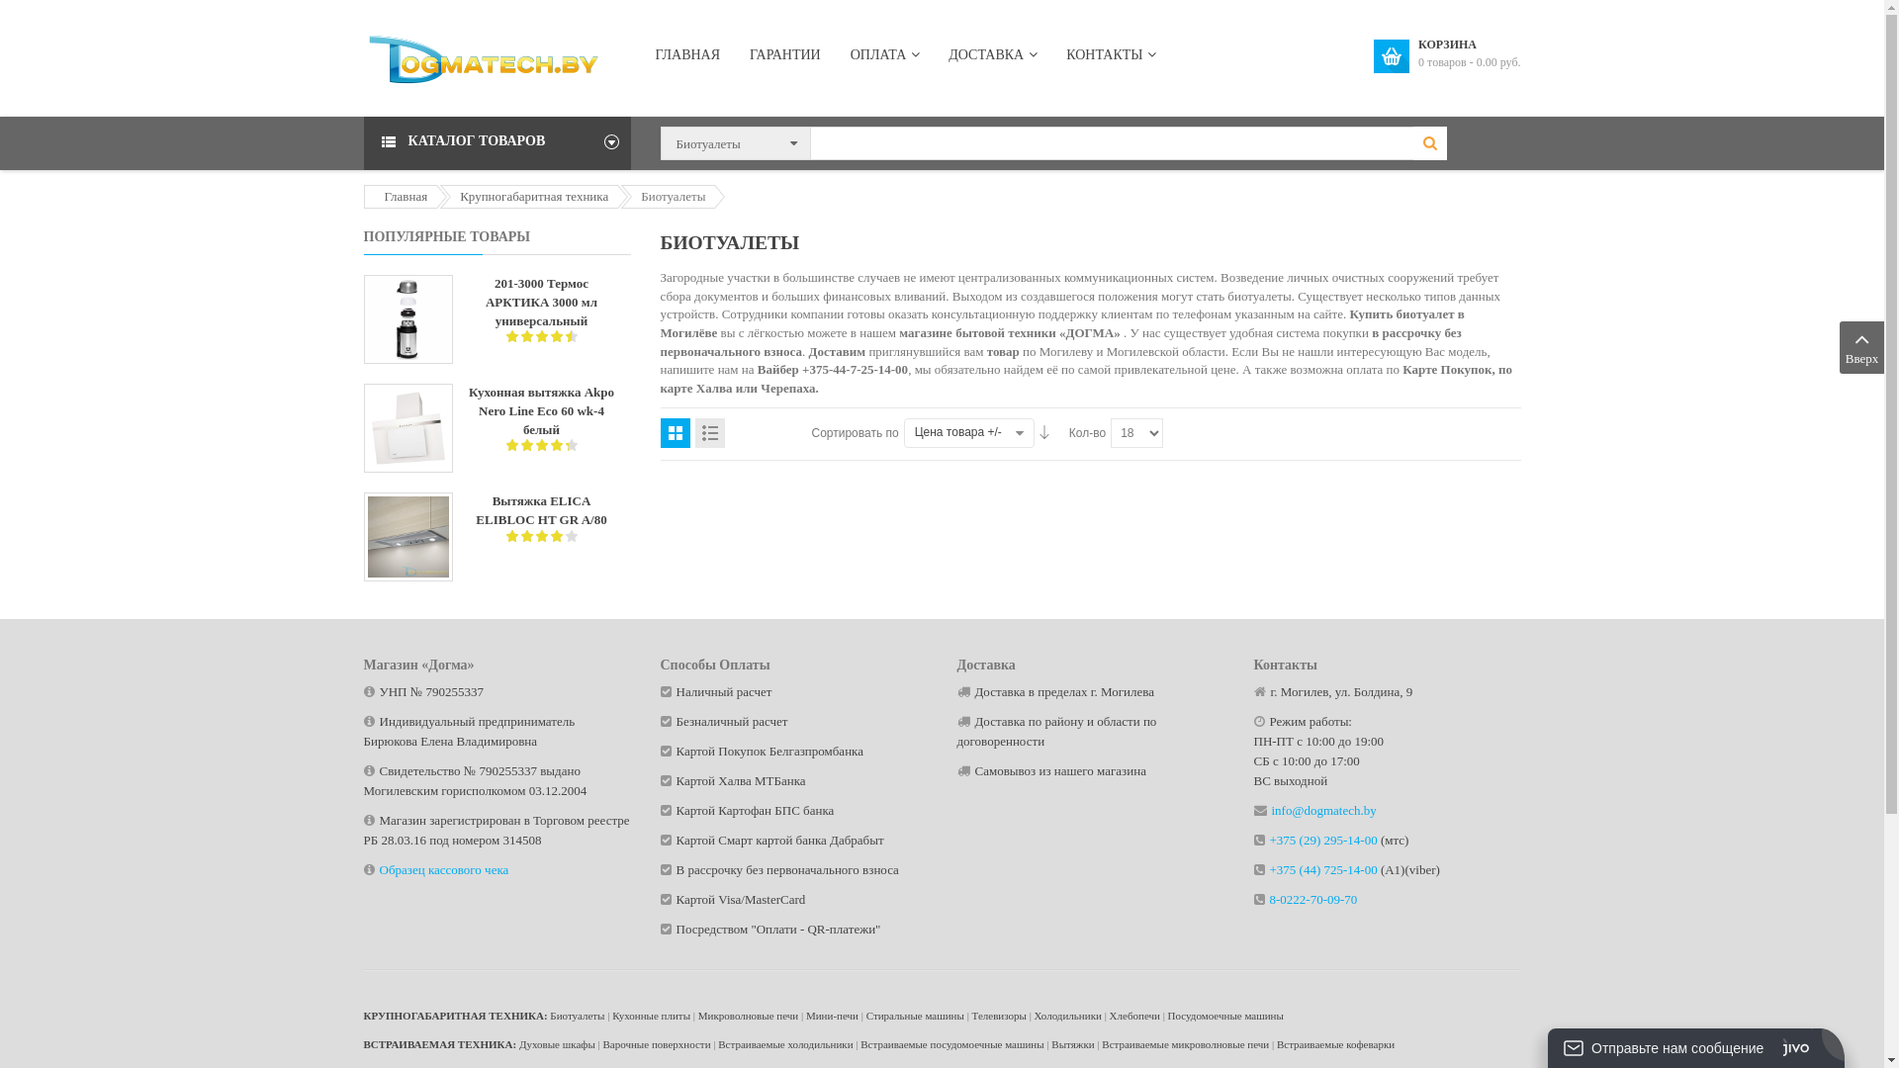 This screenshot has width=1899, height=1068. What do you see at coordinates (1323, 840) in the screenshot?
I see `'+375 (29) 295-14-00'` at bounding box center [1323, 840].